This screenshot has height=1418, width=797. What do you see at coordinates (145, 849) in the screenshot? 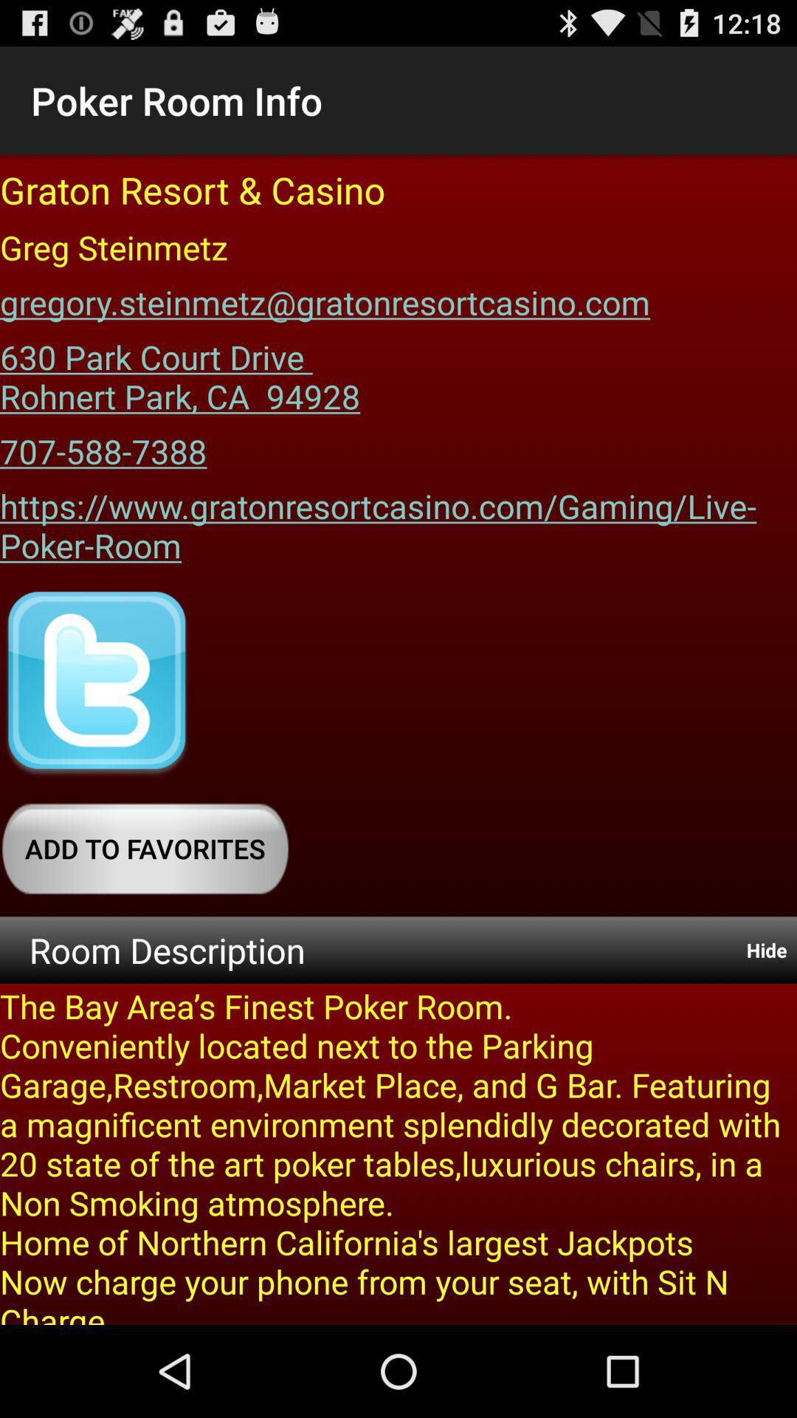
I see `add to favorites` at bounding box center [145, 849].